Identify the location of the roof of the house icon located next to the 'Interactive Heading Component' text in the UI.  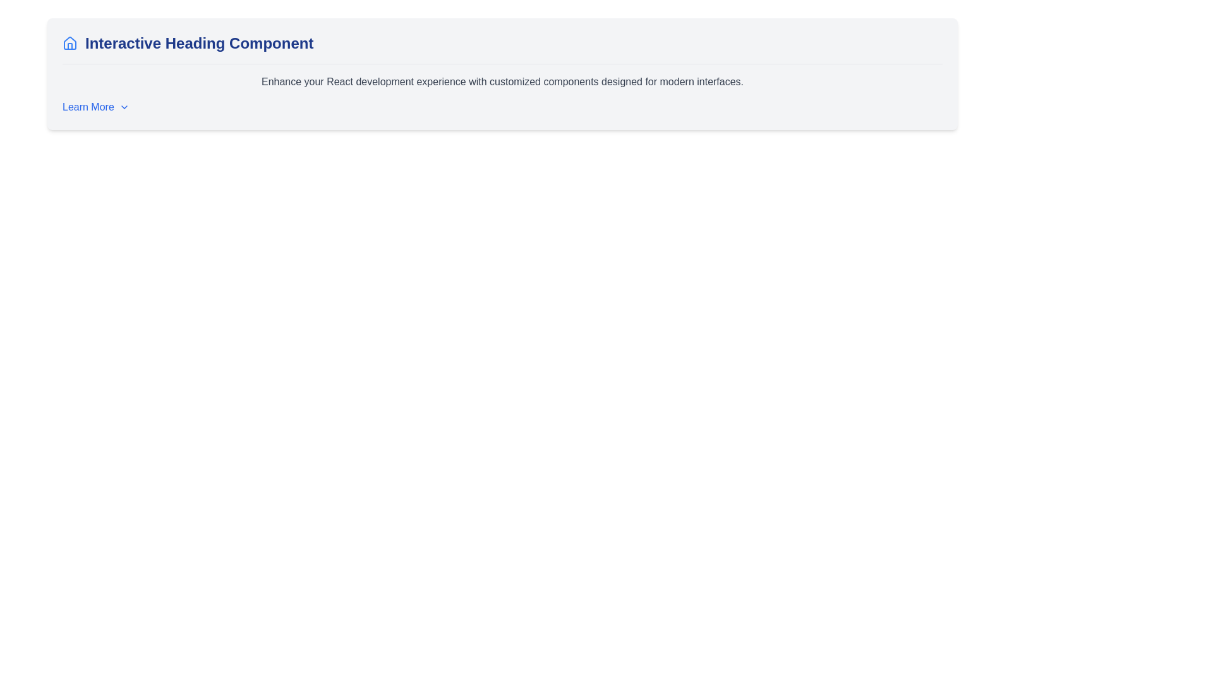
(69, 42).